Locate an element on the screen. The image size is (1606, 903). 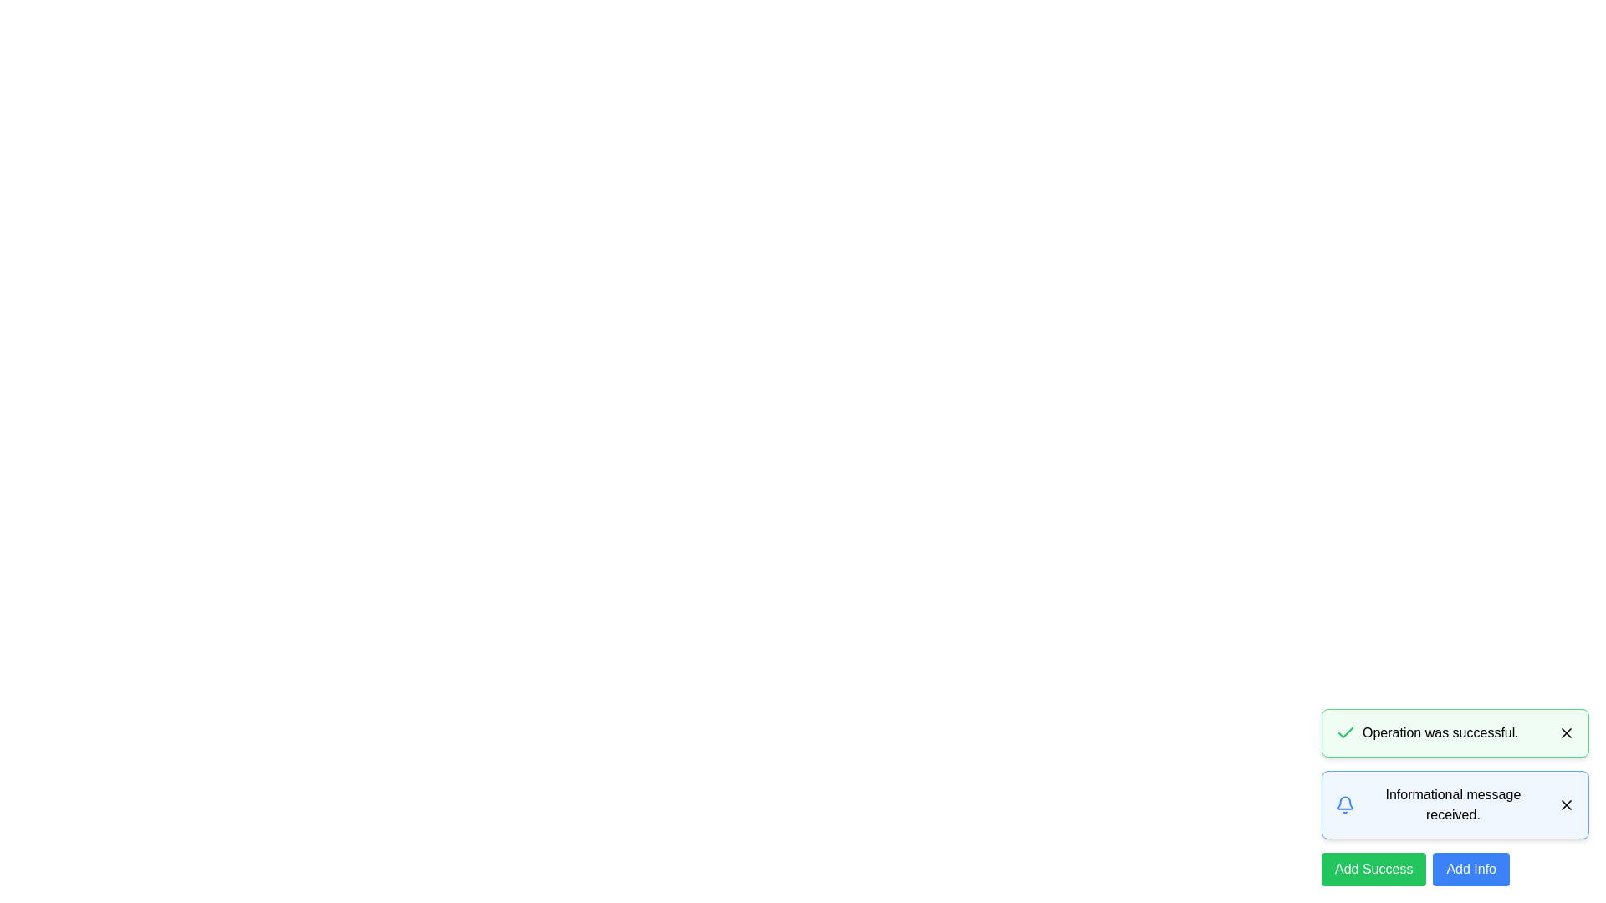
the text label that reads 'Operation was successful.' which is styled with a medium font weight and green text color, indicating a success message is located at coordinates (1440, 732).